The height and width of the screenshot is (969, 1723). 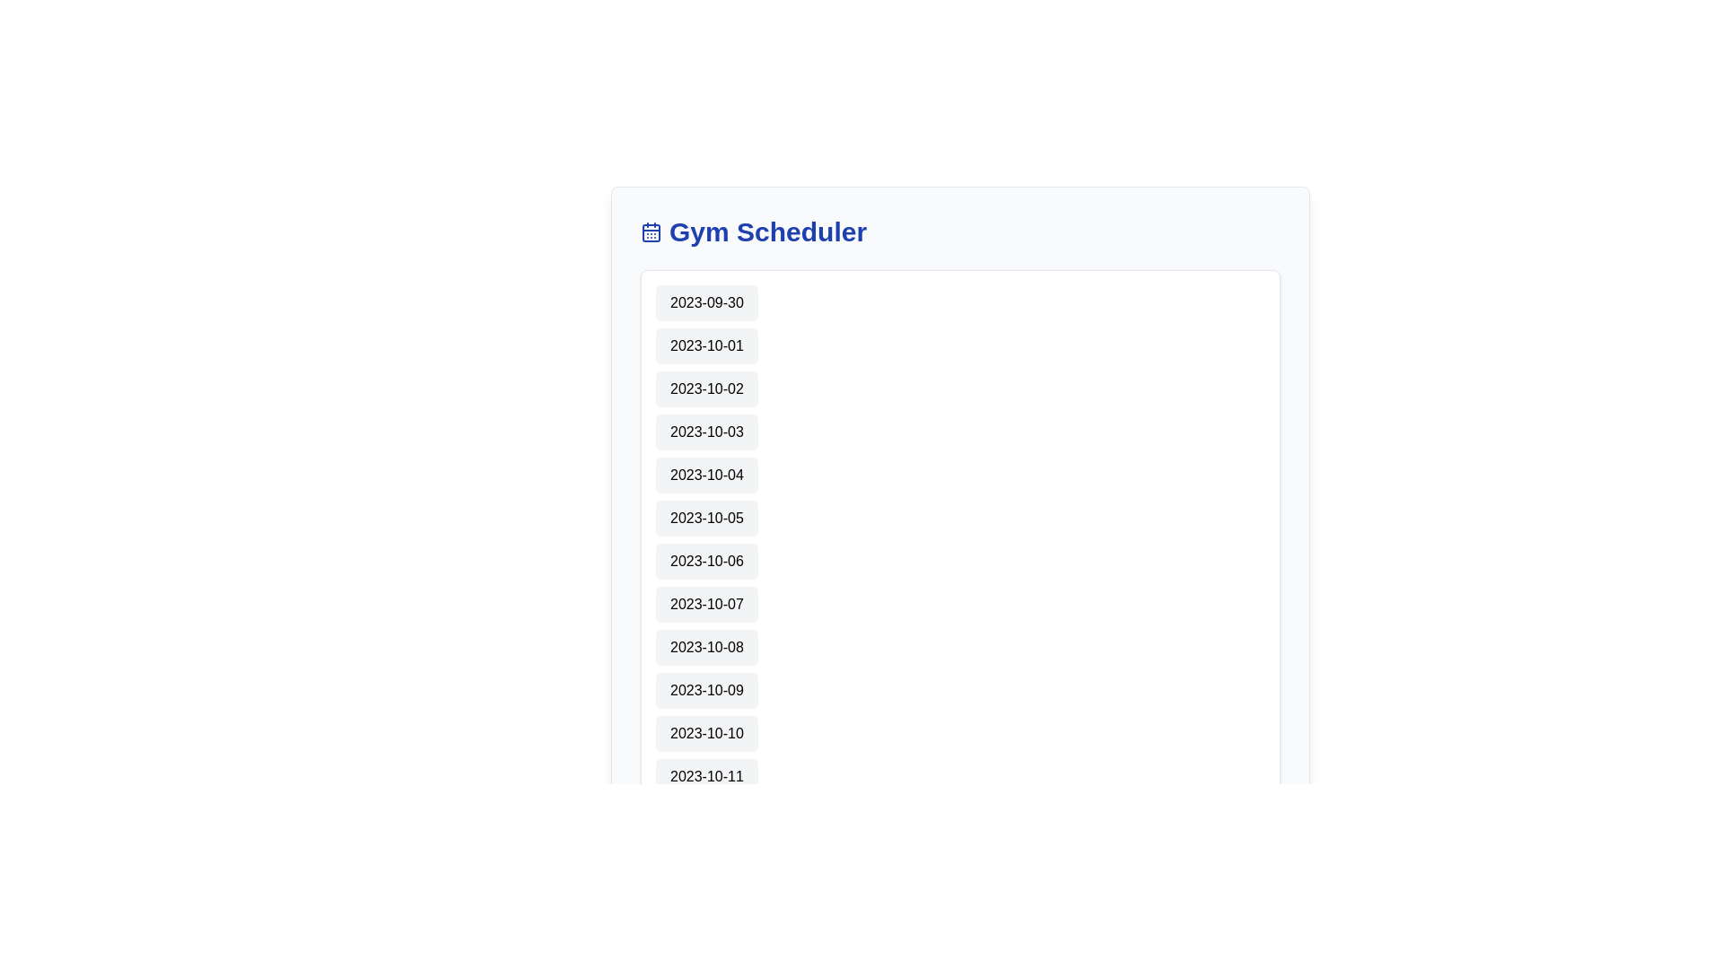 What do you see at coordinates (705, 605) in the screenshot?
I see `the button displaying the date '2023-10-07' located in the 8th position of the vertically arranged list` at bounding box center [705, 605].